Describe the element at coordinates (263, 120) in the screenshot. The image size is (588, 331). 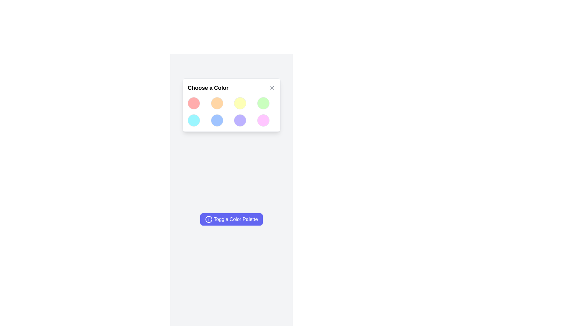
I see `the Circle button located in the fourth column and second row of the grid` at that location.